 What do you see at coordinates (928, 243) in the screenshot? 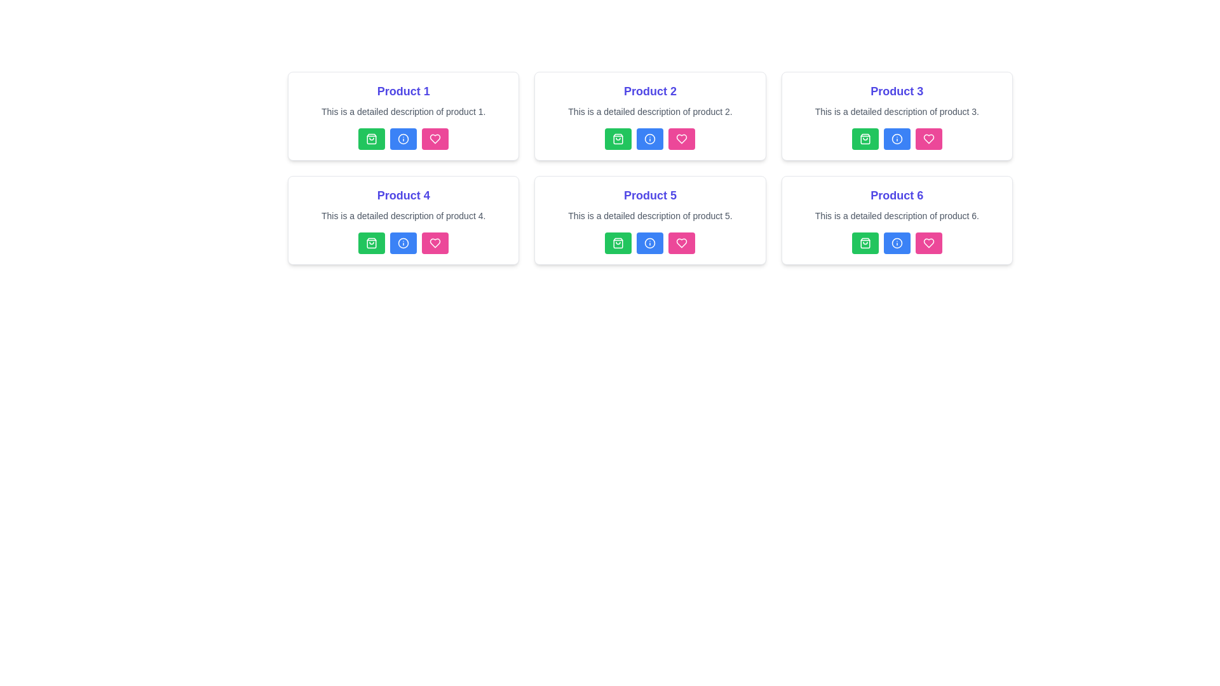
I see `the pink button with a white heart icon to mark 'Product 6' as favorite` at bounding box center [928, 243].